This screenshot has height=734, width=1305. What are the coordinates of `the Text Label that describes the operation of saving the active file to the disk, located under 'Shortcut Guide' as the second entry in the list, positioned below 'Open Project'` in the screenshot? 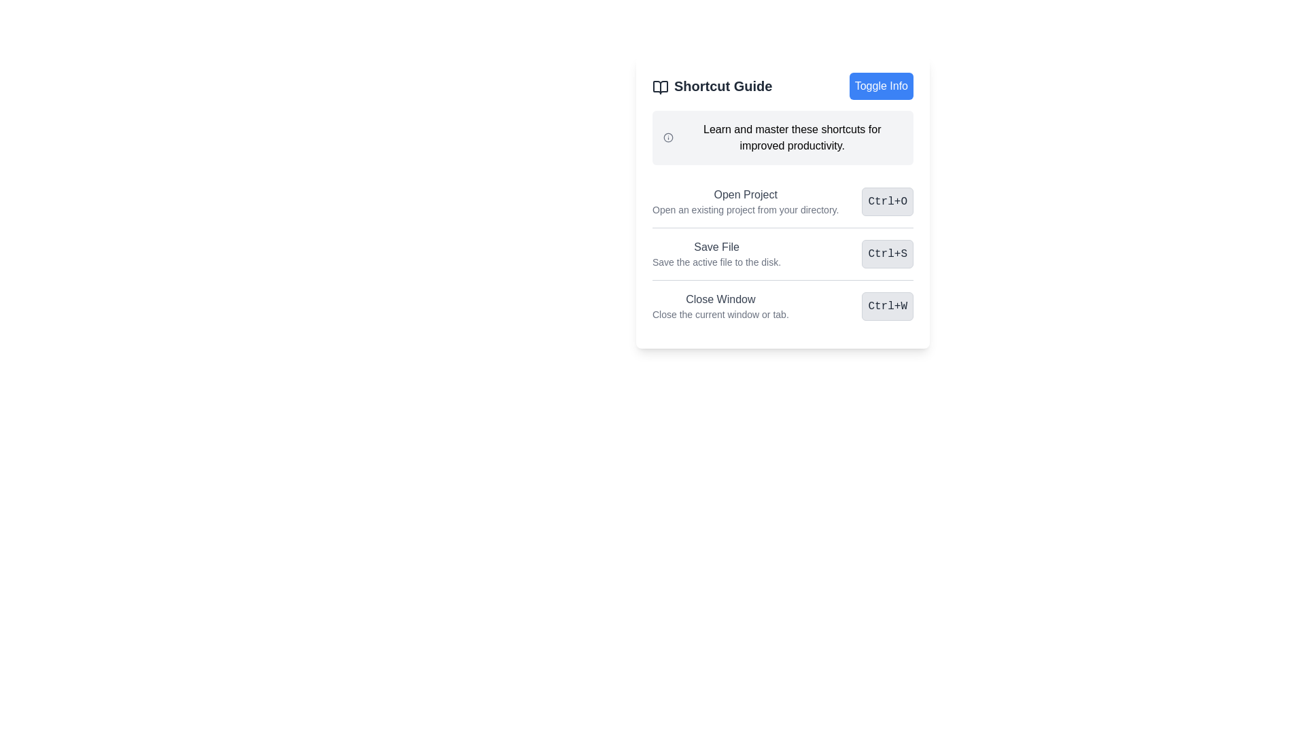 It's located at (716, 247).